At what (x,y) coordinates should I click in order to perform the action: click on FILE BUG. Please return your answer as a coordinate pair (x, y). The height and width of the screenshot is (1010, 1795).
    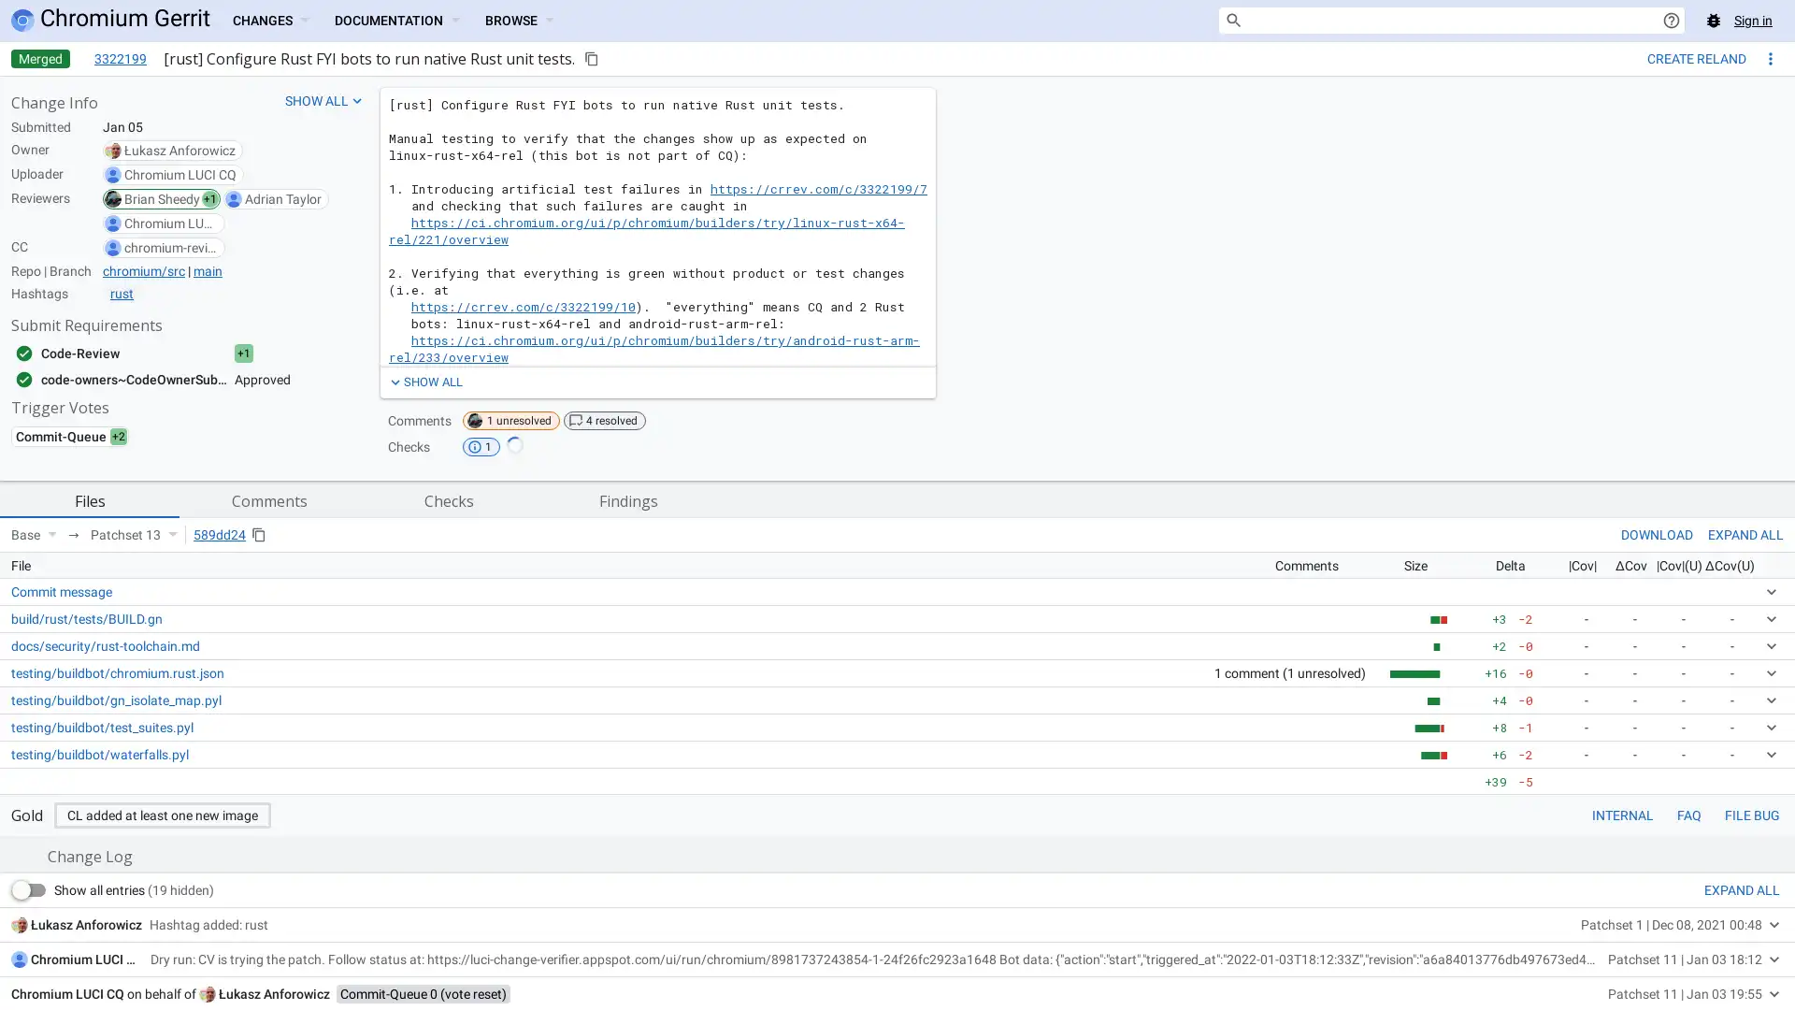
    Looking at the image, I should click on (1751, 814).